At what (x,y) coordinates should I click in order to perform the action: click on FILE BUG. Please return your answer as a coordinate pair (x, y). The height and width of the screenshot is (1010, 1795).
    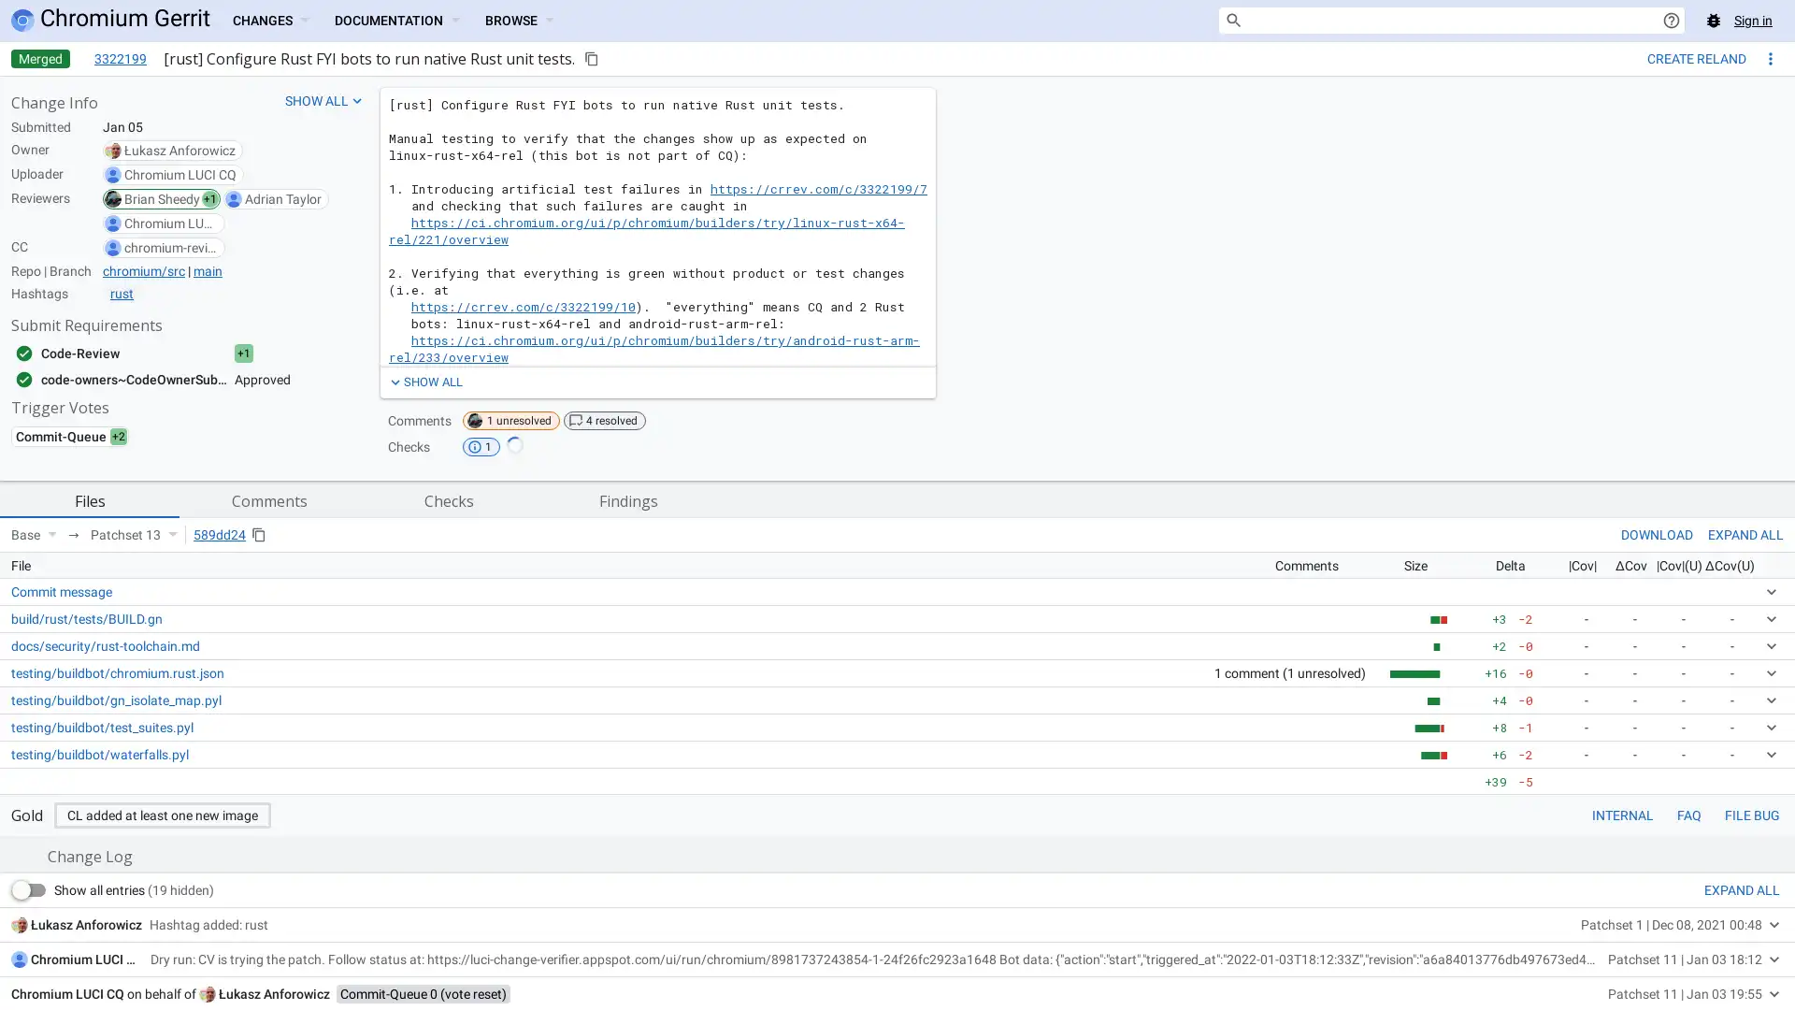
    Looking at the image, I should click on (1751, 814).